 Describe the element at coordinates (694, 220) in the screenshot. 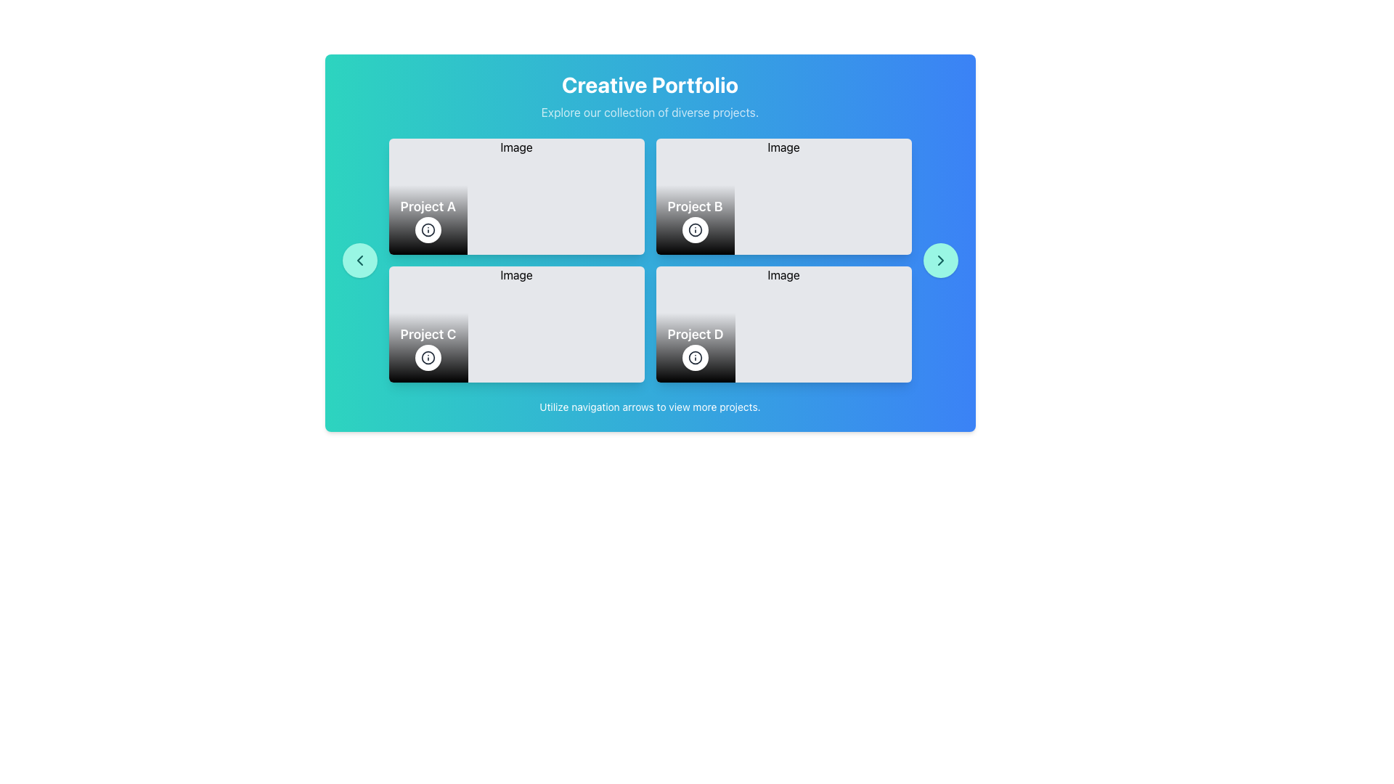

I see `the 'Project B' section with gradient background, which includes additional information or actions related to the project` at that location.